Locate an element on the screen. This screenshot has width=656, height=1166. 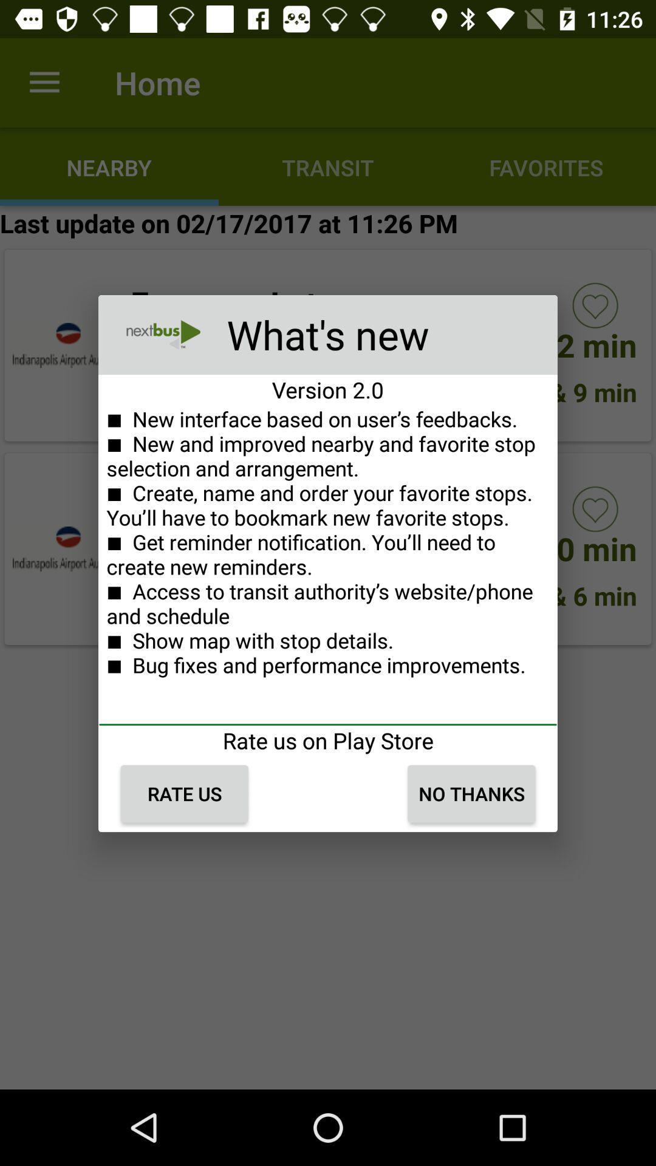
icon to the right of the rate us icon is located at coordinates (471, 794).